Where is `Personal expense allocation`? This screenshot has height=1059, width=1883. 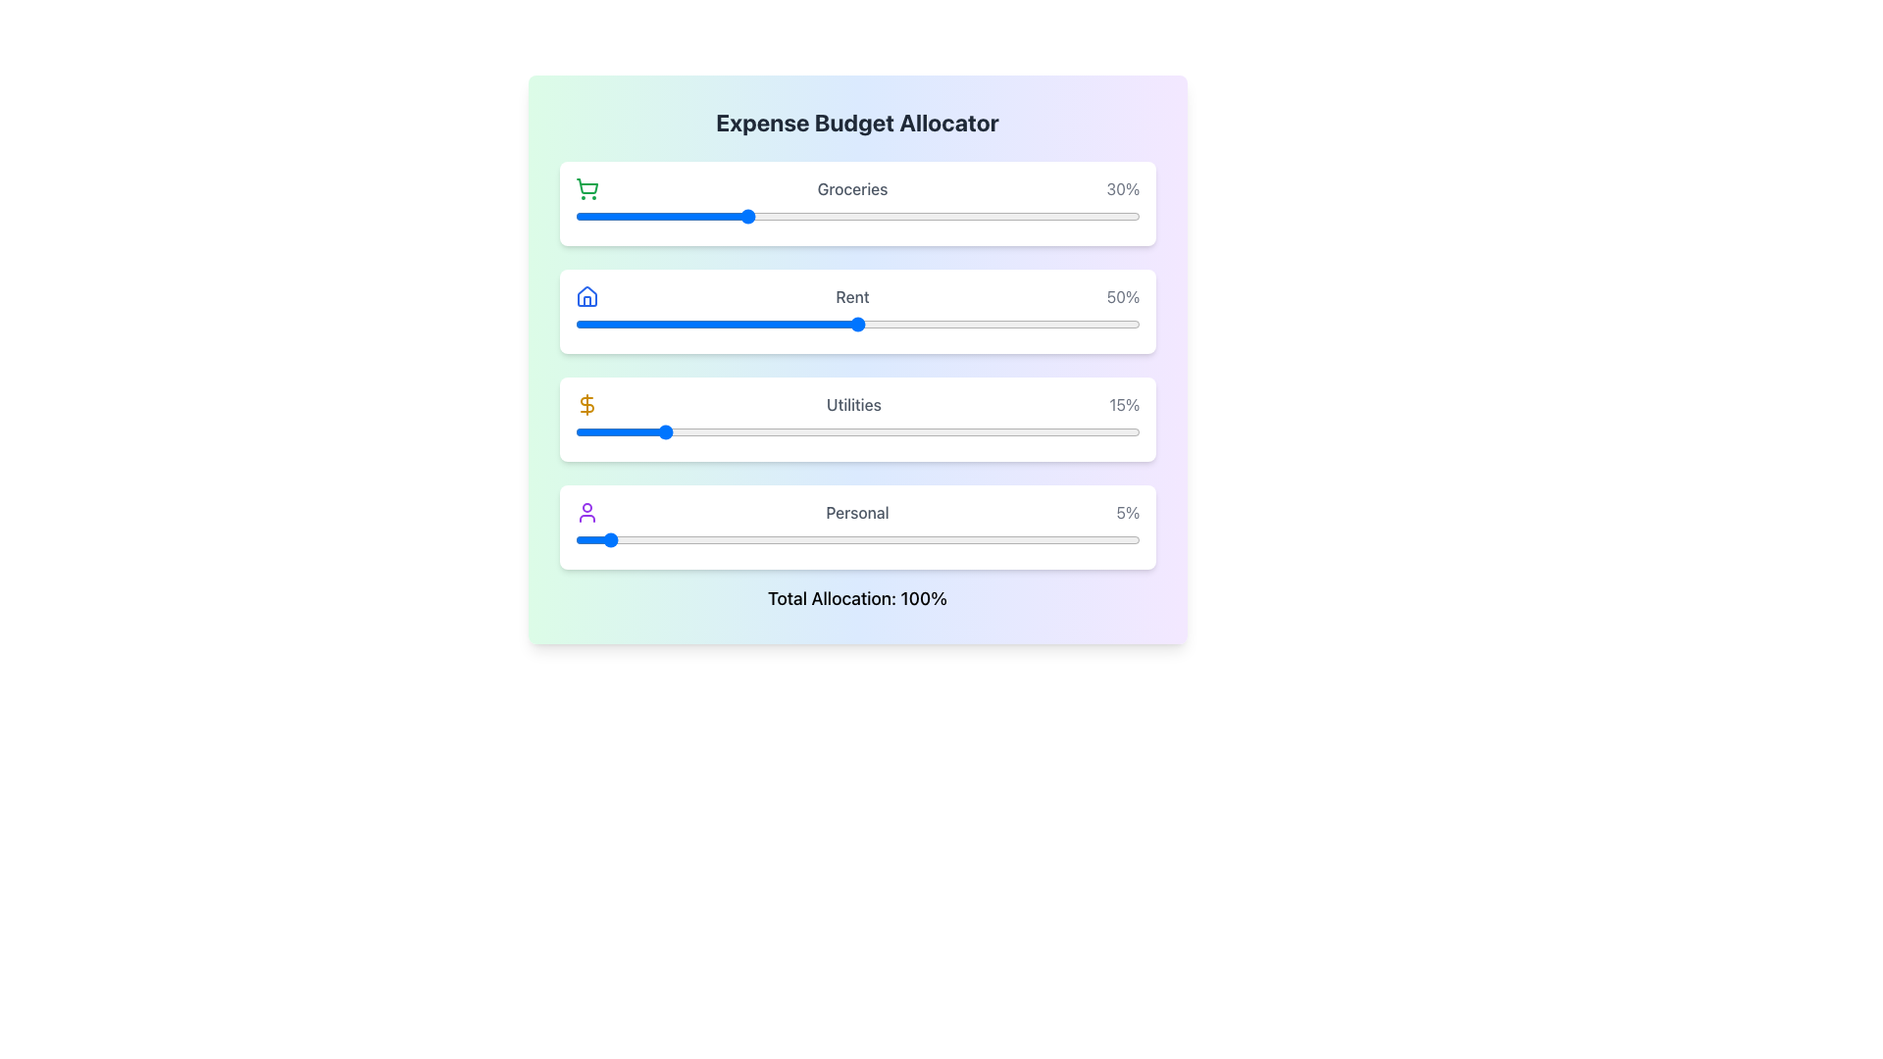 Personal expense allocation is located at coordinates (602, 540).